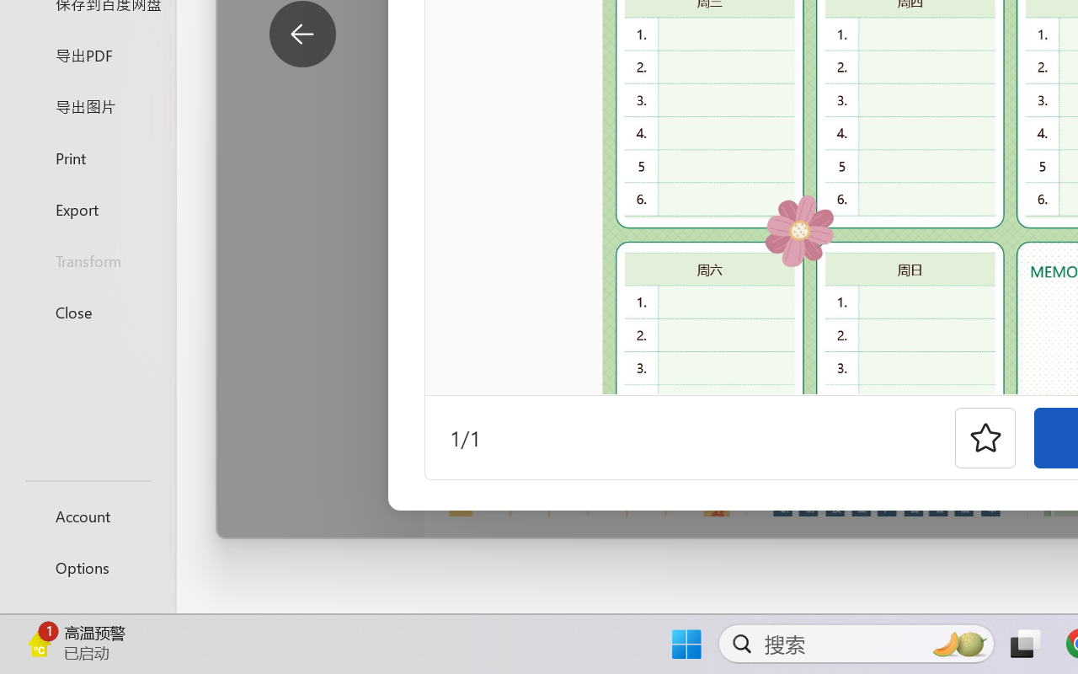 The height and width of the screenshot is (674, 1078). What do you see at coordinates (87, 157) in the screenshot?
I see `'Print'` at bounding box center [87, 157].